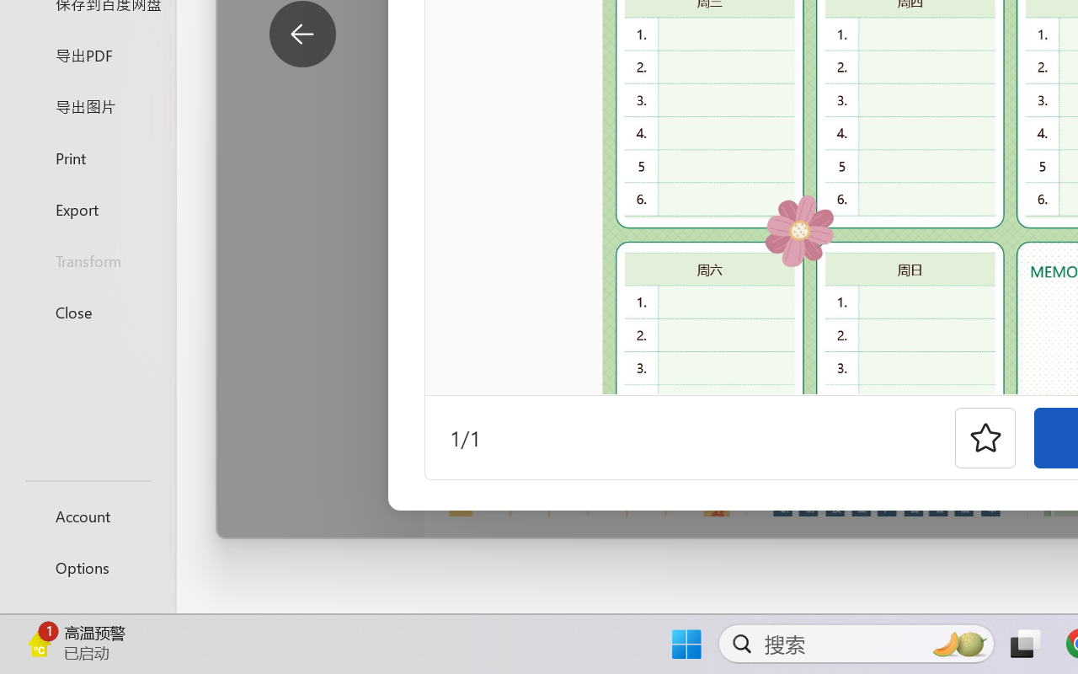 The height and width of the screenshot is (674, 1078). What do you see at coordinates (87, 157) in the screenshot?
I see `'Print'` at bounding box center [87, 157].